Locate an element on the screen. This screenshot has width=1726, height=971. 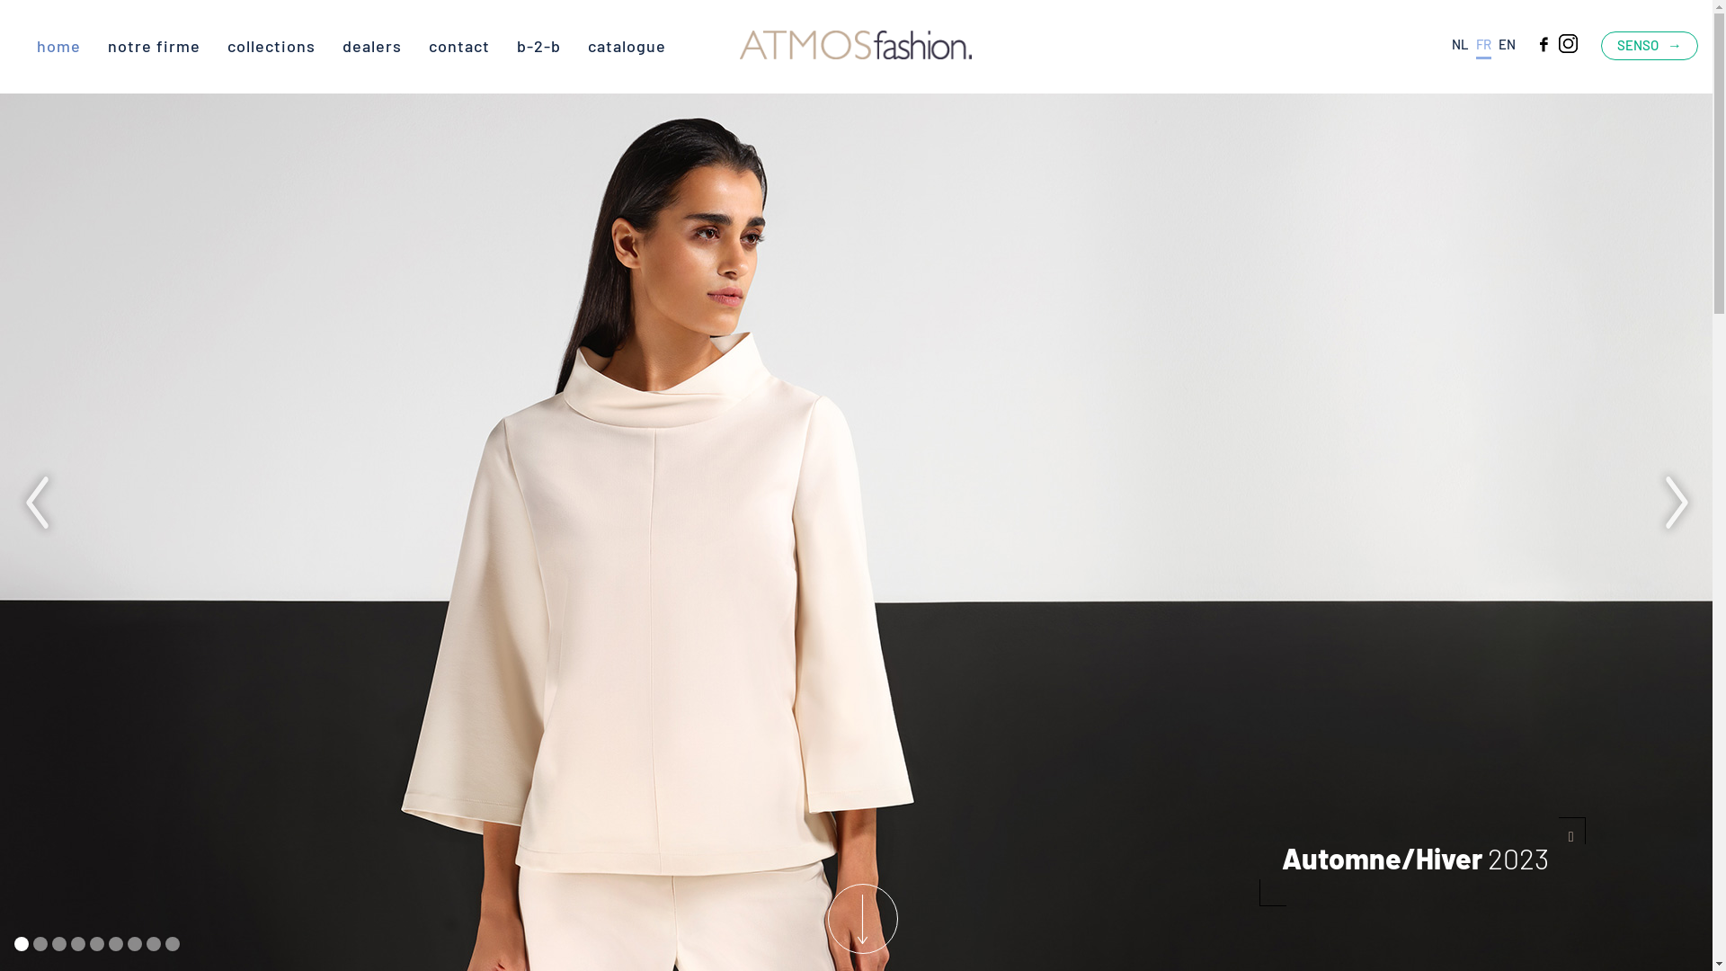
'Visitez notre page Instagram' is located at coordinates (1556, 41).